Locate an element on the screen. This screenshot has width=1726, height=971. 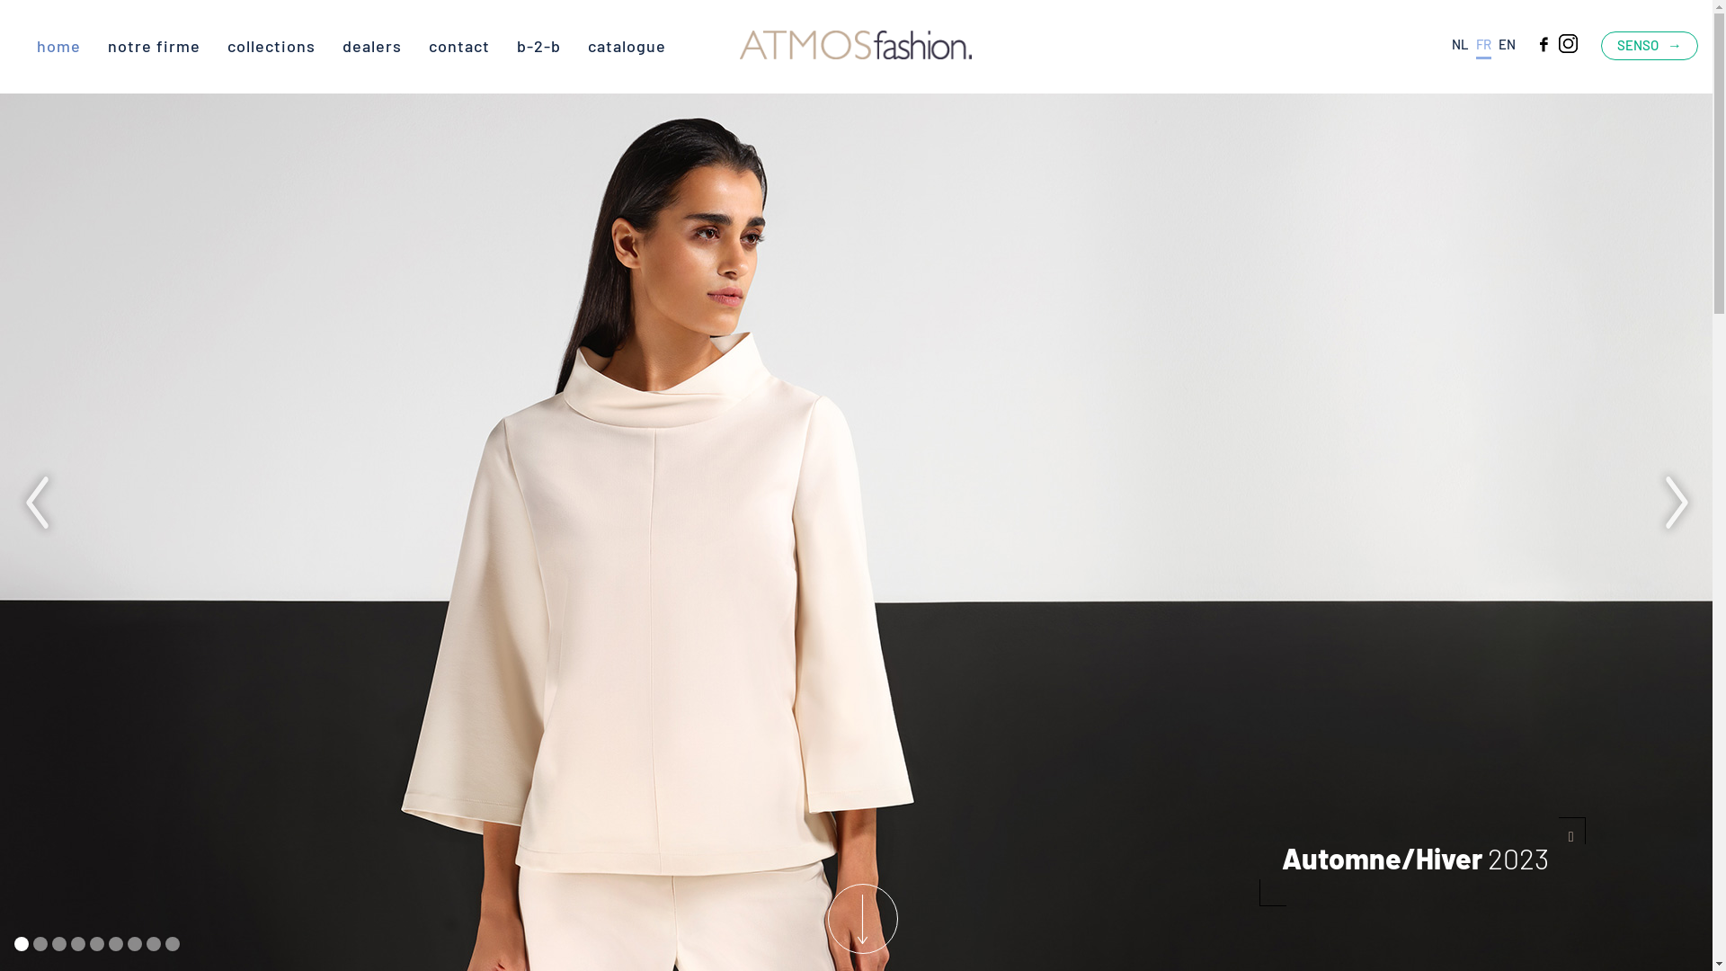
'Visitez notre page Instagram' is located at coordinates (1556, 41).